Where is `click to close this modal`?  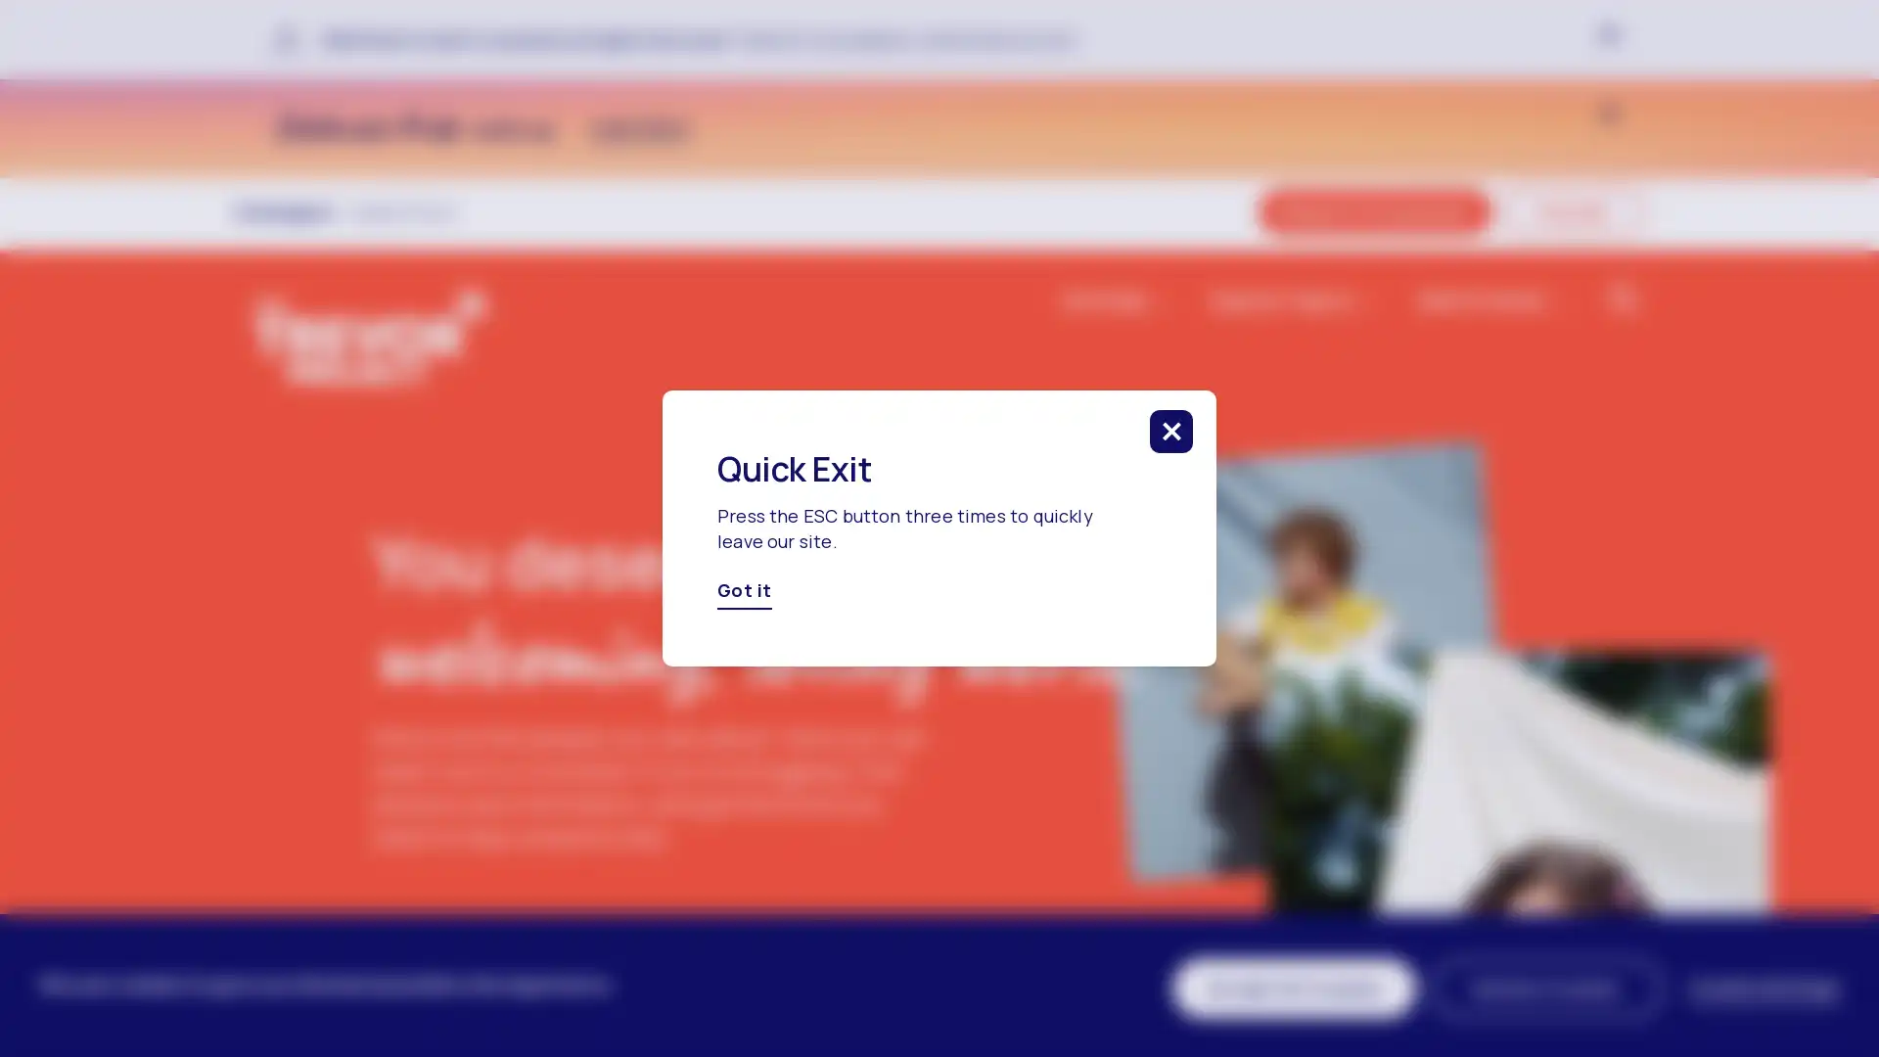
click to close this modal is located at coordinates (1170, 430).